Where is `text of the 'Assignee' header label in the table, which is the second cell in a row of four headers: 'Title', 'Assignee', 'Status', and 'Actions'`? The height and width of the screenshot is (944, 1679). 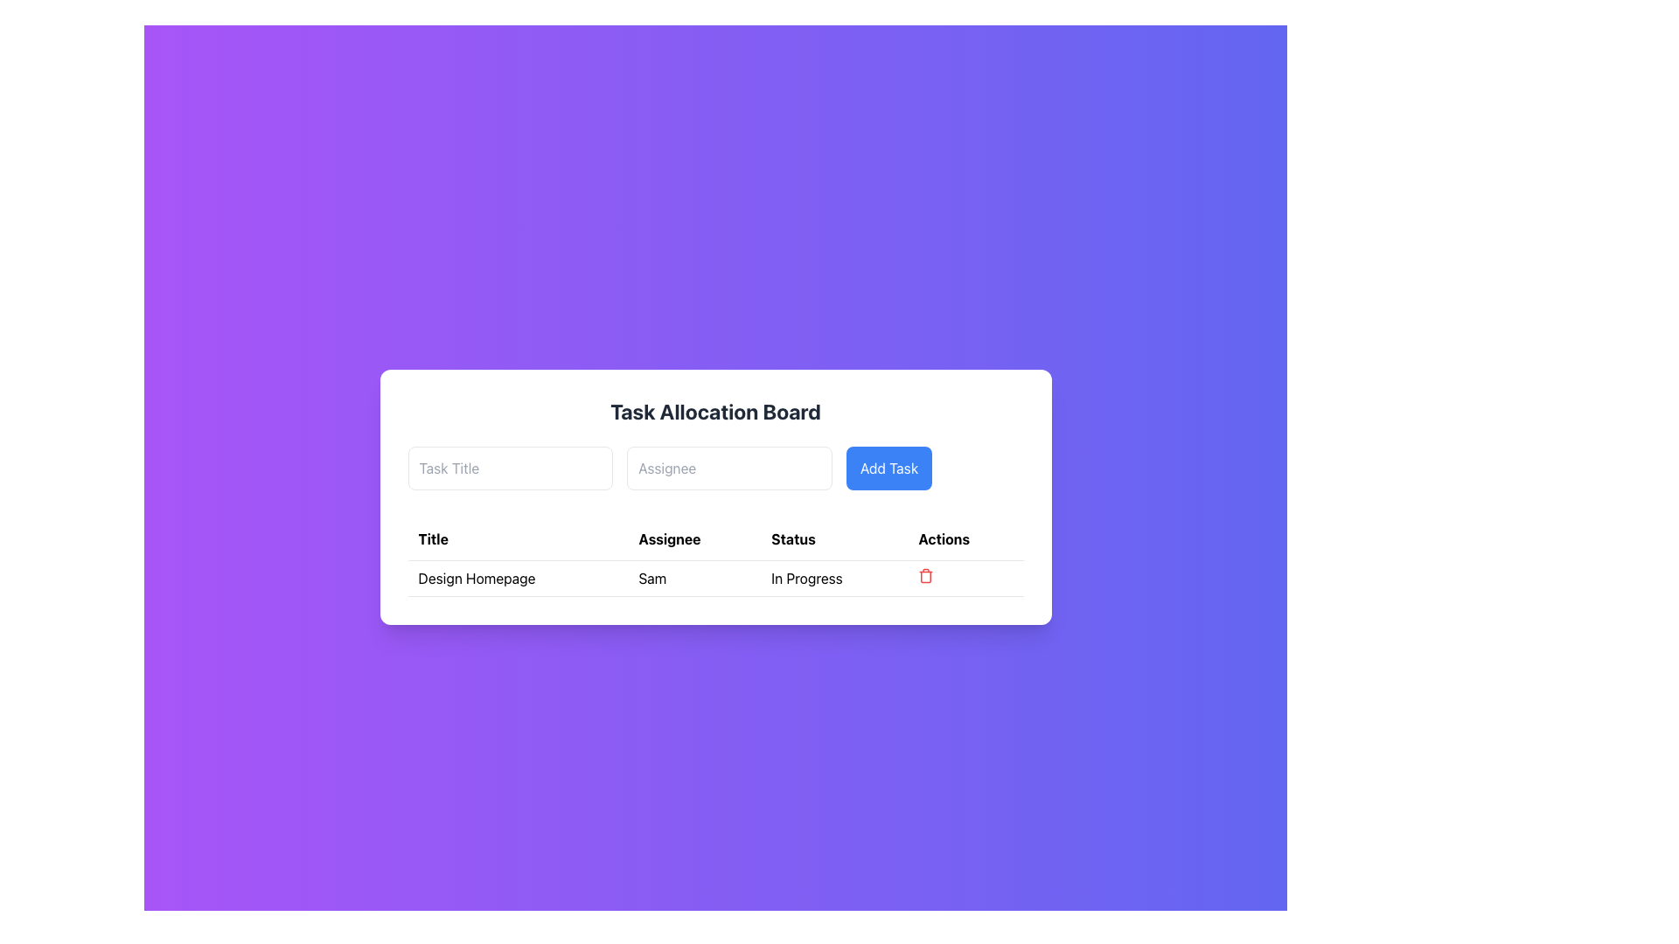 text of the 'Assignee' header label in the table, which is the second cell in a row of four headers: 'Title', 'Assignee', 'Status', and 'Actions' is located at coordinates (693, 538).